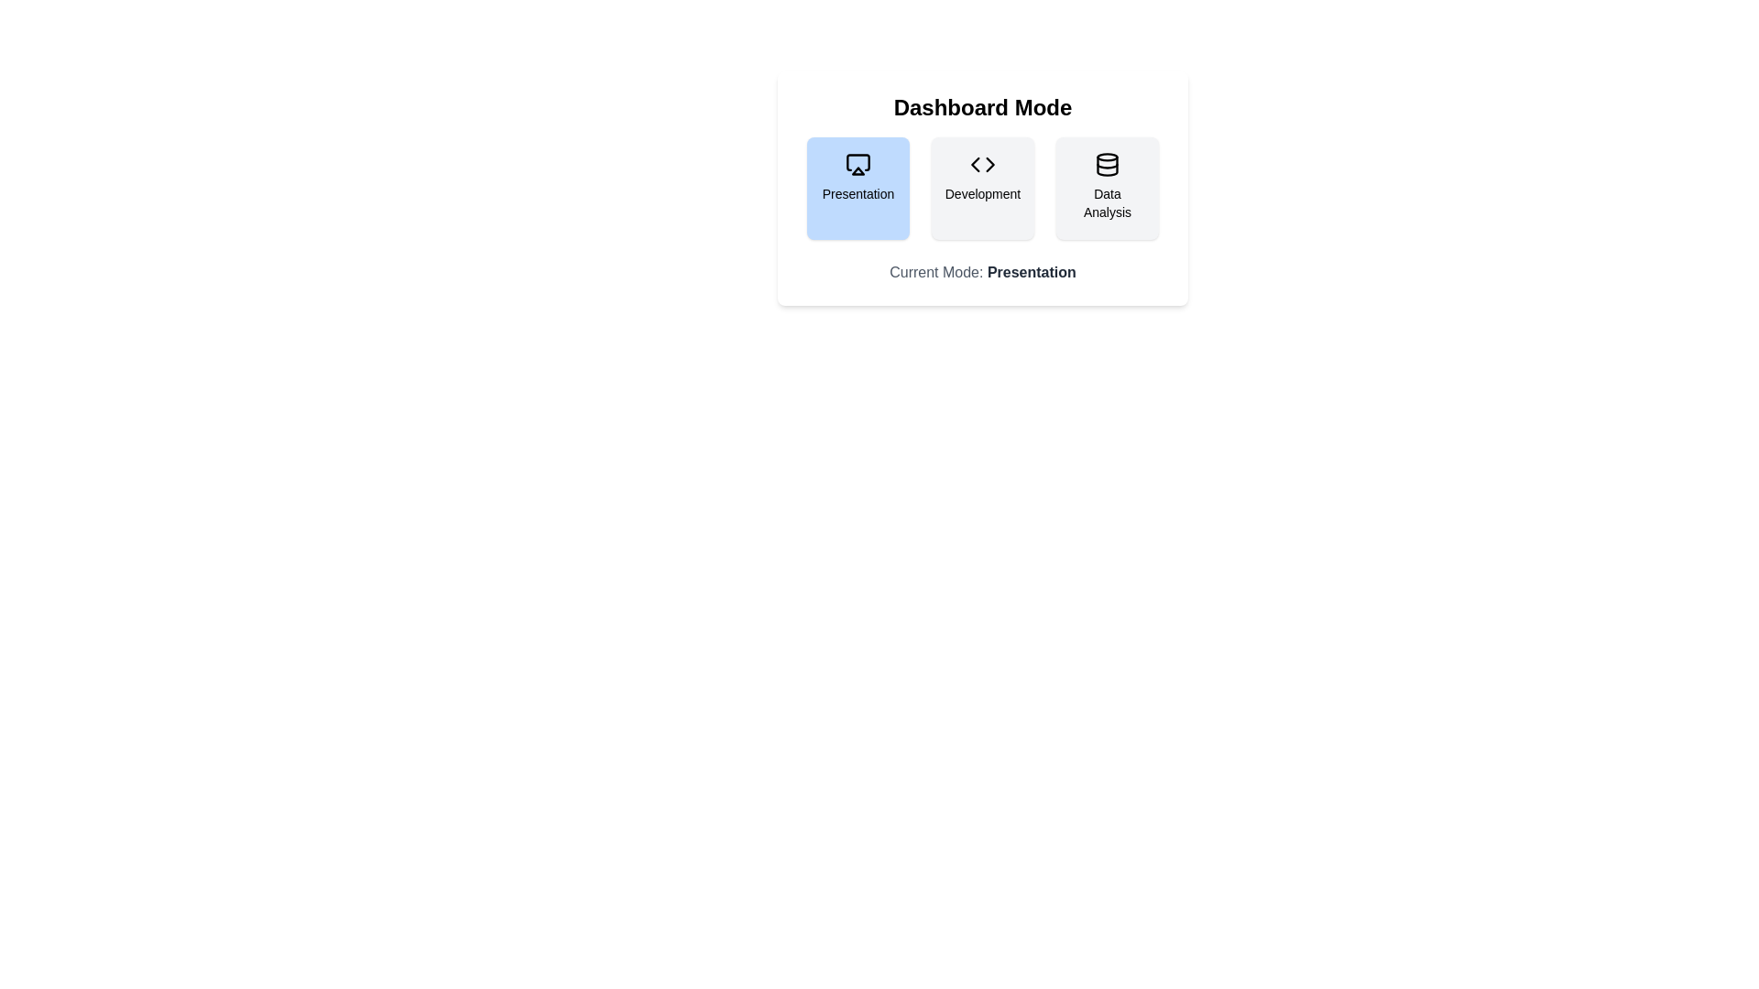 This screenshot has width=1759, height=989. What do you see at coordinates (1107, 188) in the screenshot?
I see `the mode button labeled Data Analysis to observe its hover effect` at bounding box center [1107, 188].